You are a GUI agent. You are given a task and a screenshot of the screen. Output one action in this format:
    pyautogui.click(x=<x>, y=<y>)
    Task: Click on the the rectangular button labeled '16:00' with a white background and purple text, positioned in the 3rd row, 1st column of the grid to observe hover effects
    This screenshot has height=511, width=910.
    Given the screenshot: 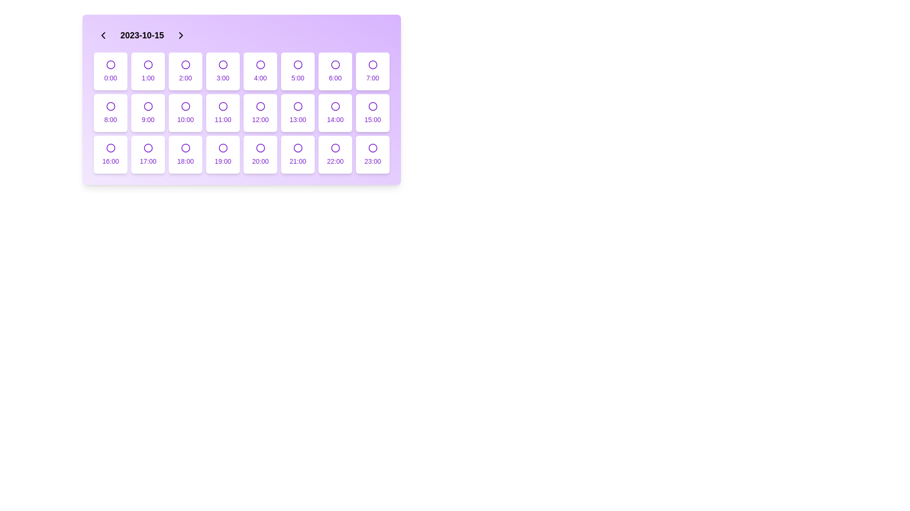 What is the action you would take?
    pyautogui.click(x=110, y=154)
    